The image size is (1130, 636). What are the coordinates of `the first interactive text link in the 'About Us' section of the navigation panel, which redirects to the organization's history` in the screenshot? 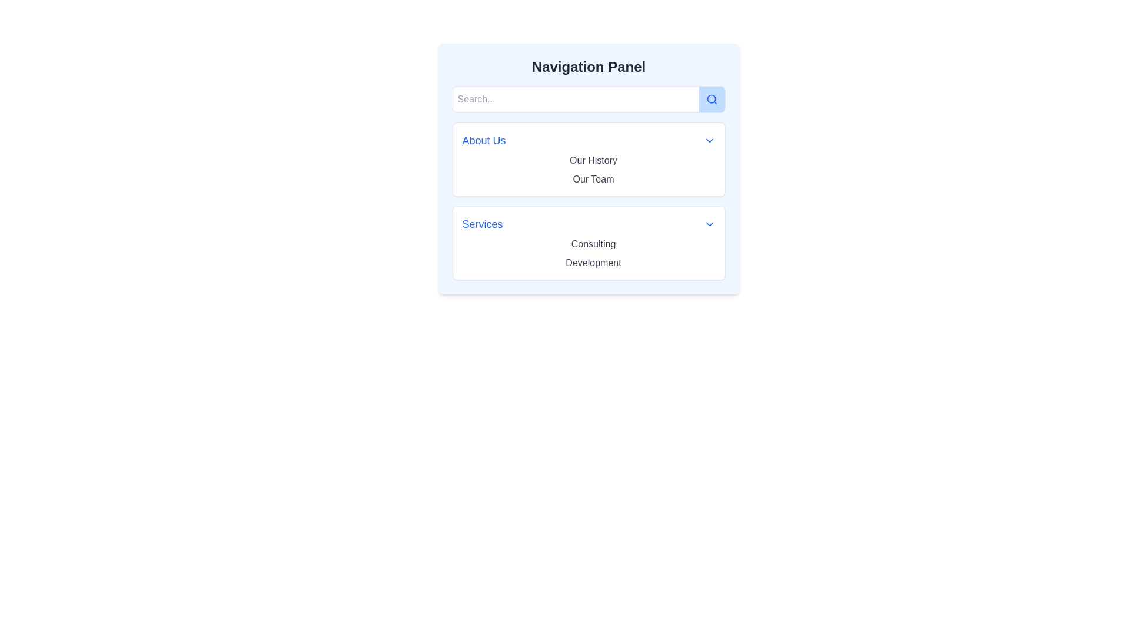 It's located at (593, 161).